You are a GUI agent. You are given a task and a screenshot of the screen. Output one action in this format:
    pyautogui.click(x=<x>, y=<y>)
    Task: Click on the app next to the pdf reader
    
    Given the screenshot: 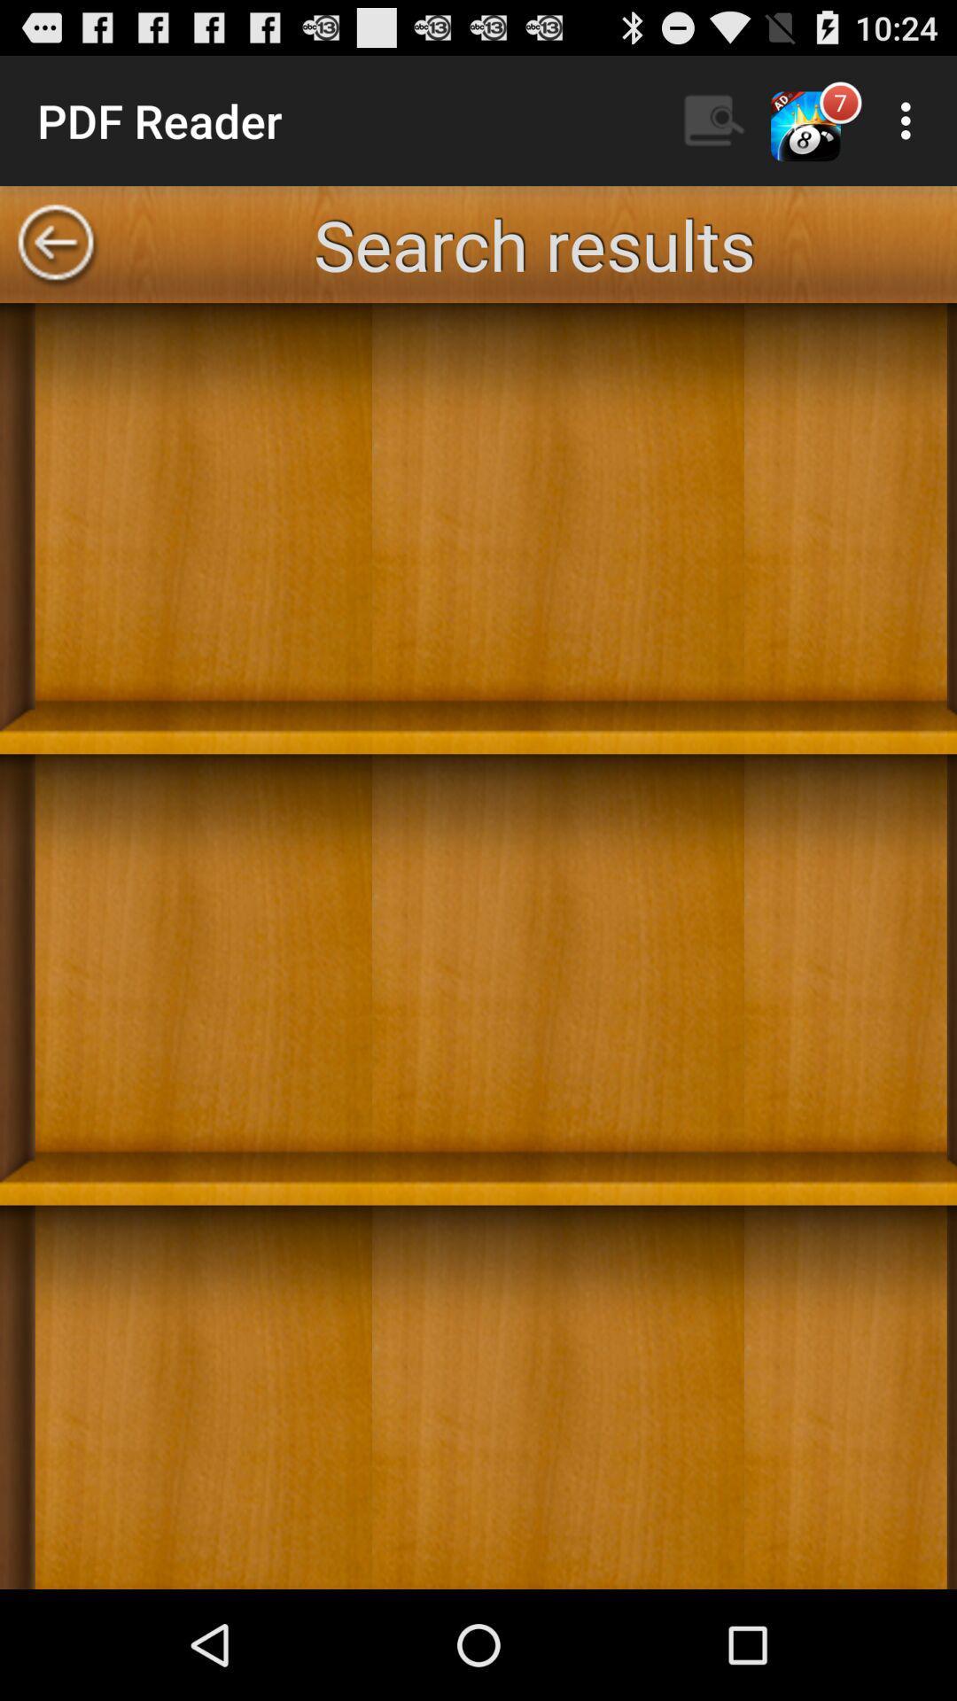 What is the action you would take?
    pyautogui.click(x=713, y=120)
    